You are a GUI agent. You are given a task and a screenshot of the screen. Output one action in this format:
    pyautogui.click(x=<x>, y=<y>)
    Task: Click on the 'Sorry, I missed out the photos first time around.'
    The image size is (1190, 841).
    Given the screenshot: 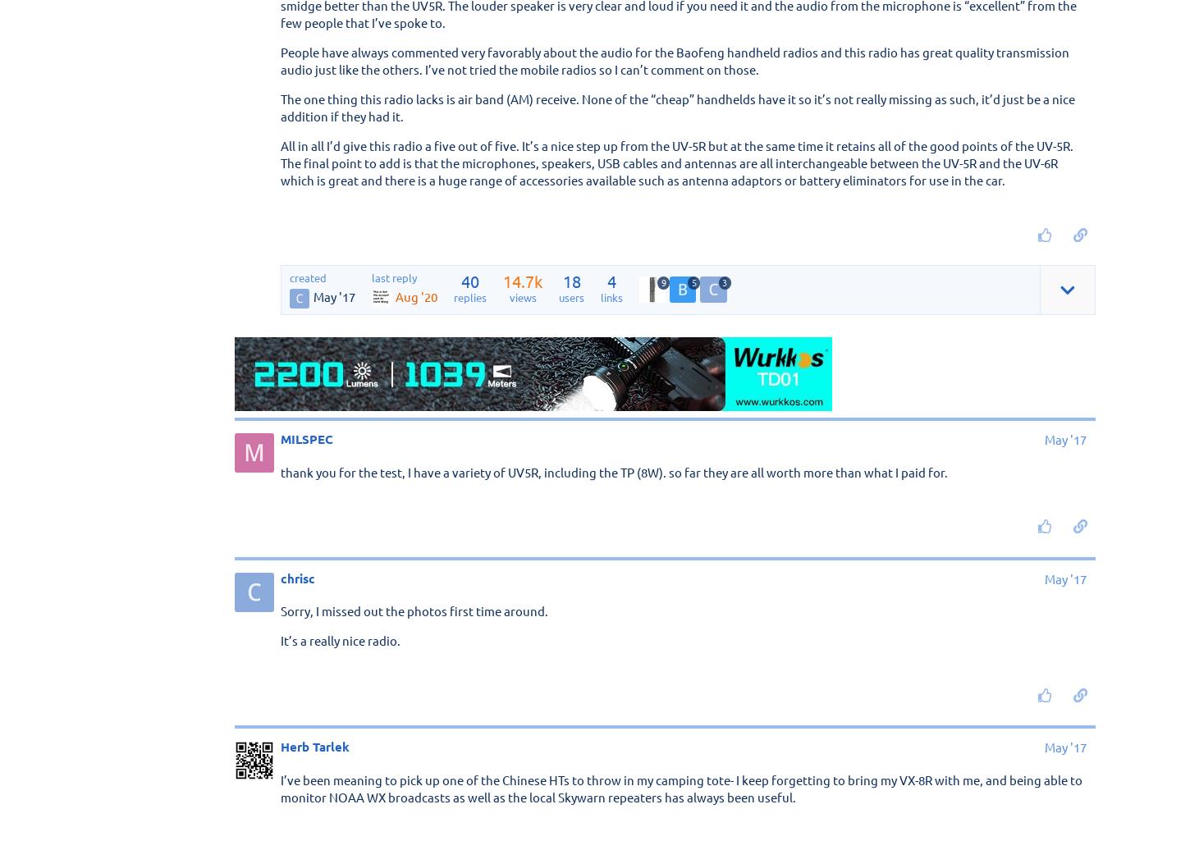 What is the action you would take?
    pyautogui.click(x=414, y=610)
    